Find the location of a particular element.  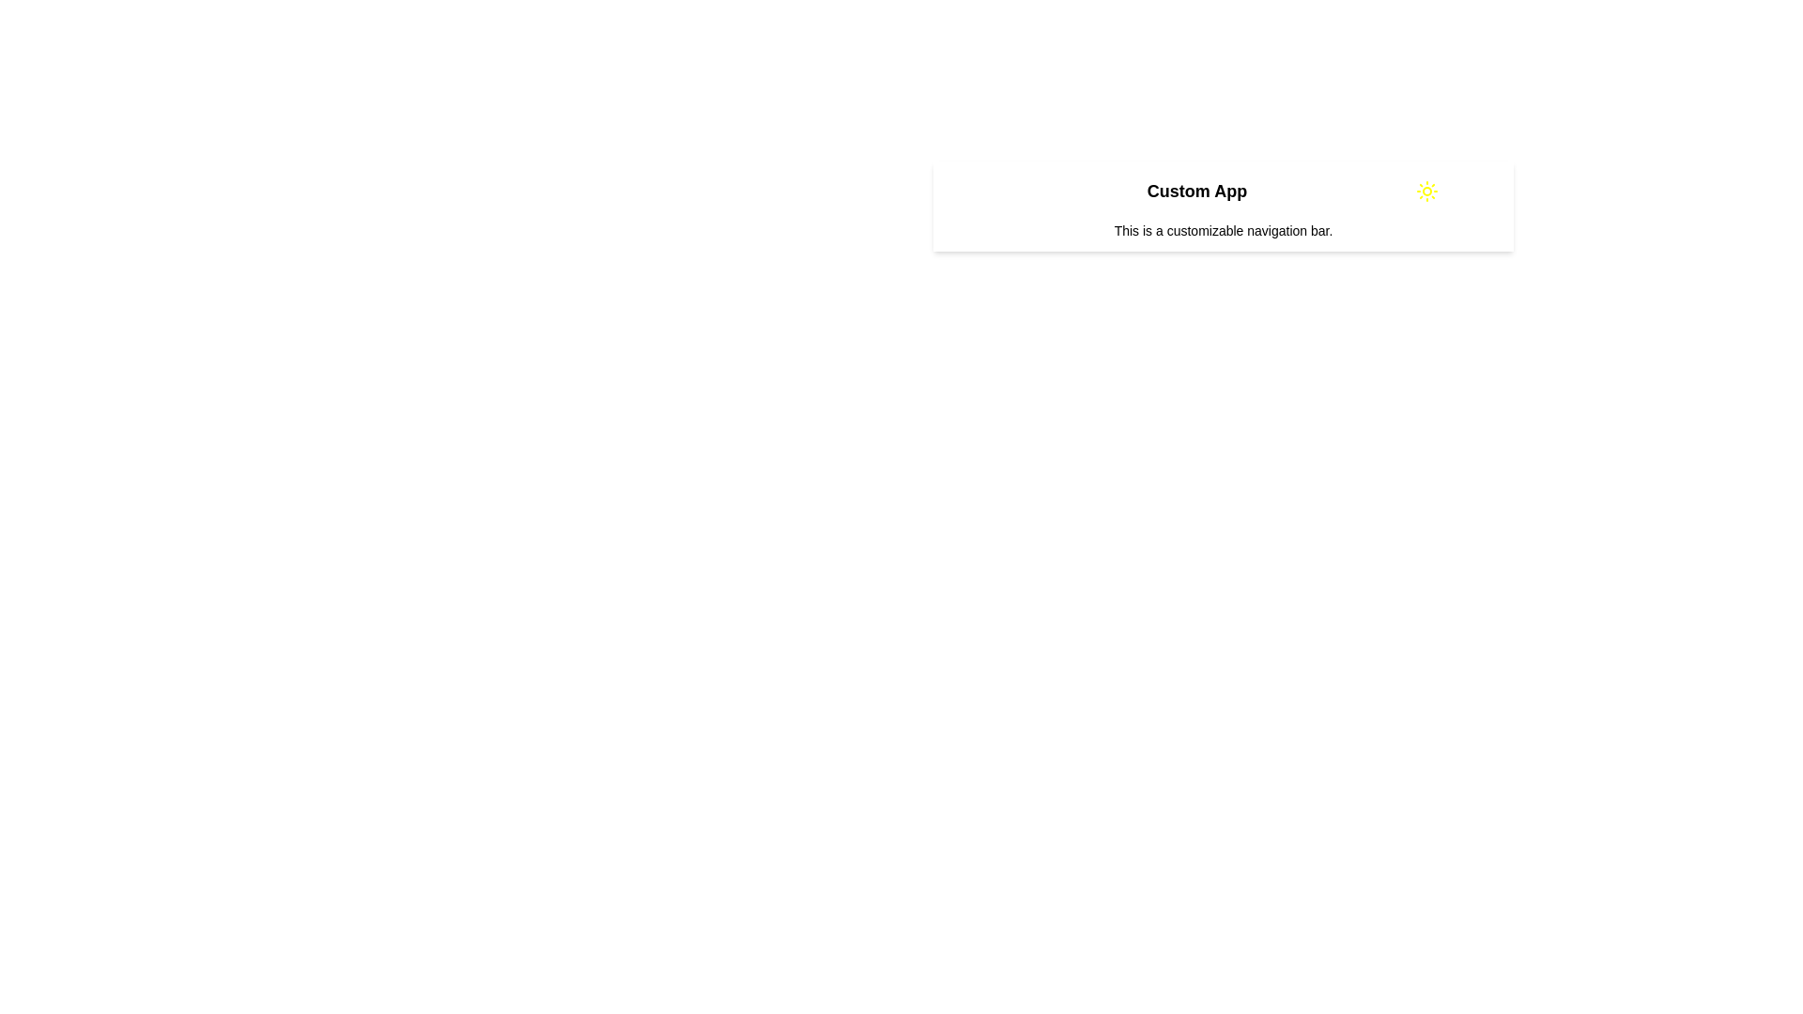

the menu icon to open the menu is located at coordinates (967, 192).